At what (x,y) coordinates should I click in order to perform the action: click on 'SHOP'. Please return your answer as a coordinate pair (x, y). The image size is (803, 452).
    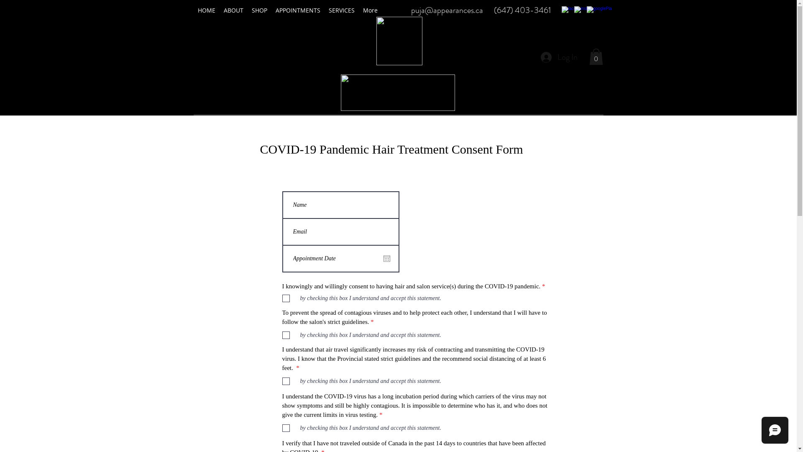
    Looking at the image, I should click on (247, 10).